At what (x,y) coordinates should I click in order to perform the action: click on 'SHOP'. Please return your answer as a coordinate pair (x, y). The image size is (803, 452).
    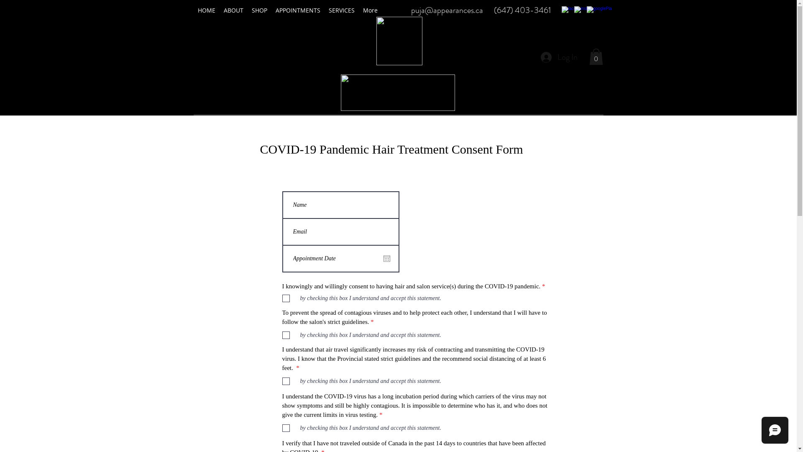
    Looking at the image, I should click on (247, 10).